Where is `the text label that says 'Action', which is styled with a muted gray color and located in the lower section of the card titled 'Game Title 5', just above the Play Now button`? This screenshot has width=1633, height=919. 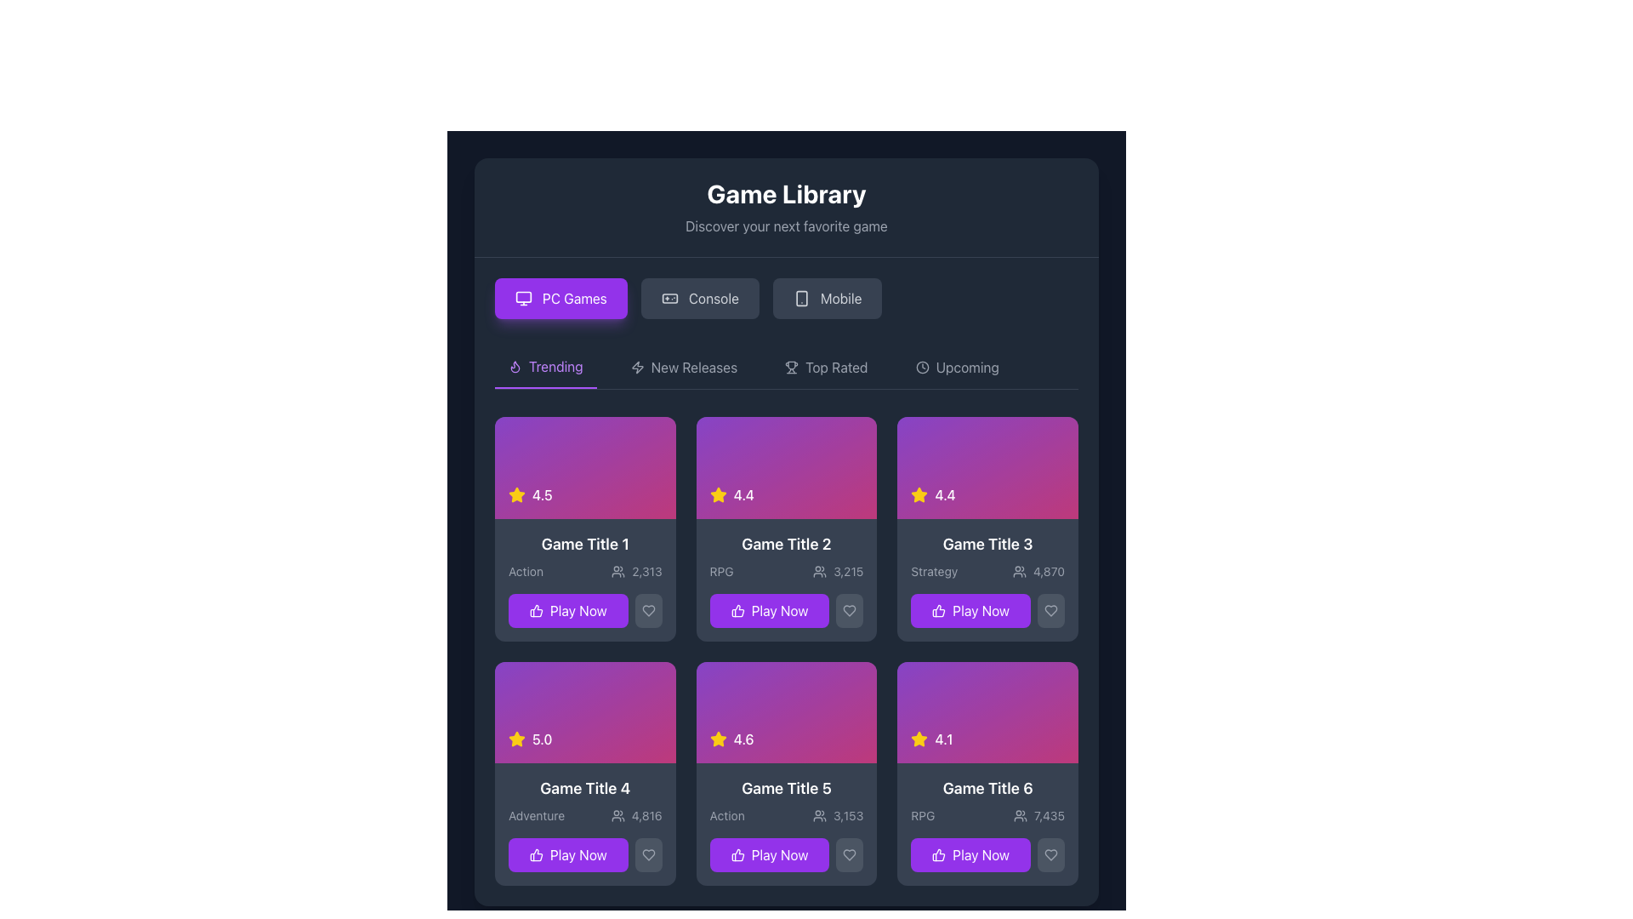 the text label that says 'Action', which is styled with a muted gray color and located in the lower section of the card titled 'Game Title 5', just above the Play Now button is located at coordinates (727, 815).